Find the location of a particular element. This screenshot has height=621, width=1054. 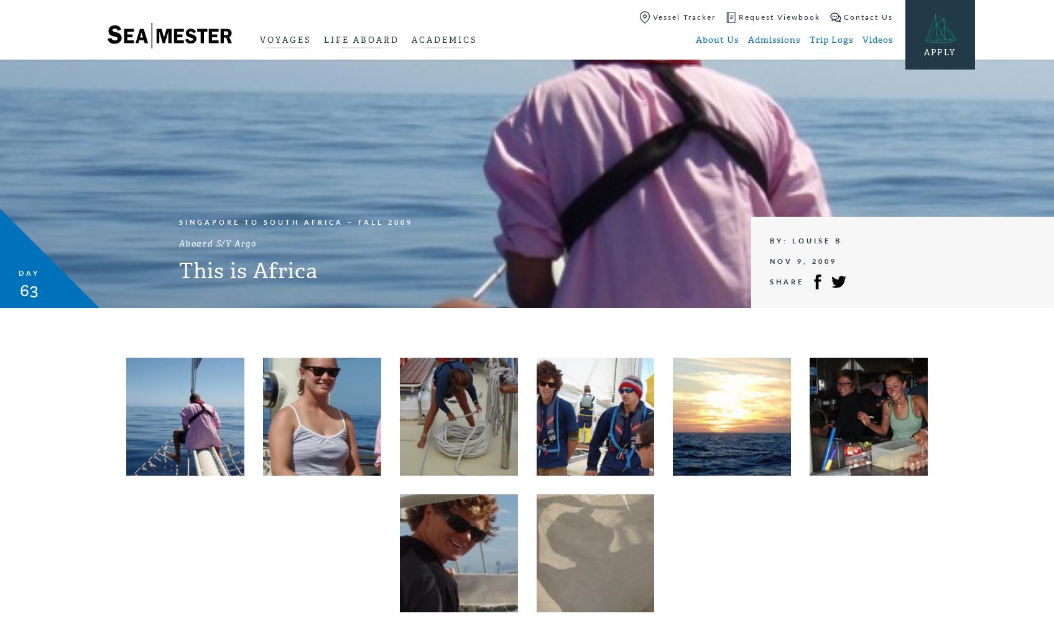

'Academics' is located at coordinates (443, 39).